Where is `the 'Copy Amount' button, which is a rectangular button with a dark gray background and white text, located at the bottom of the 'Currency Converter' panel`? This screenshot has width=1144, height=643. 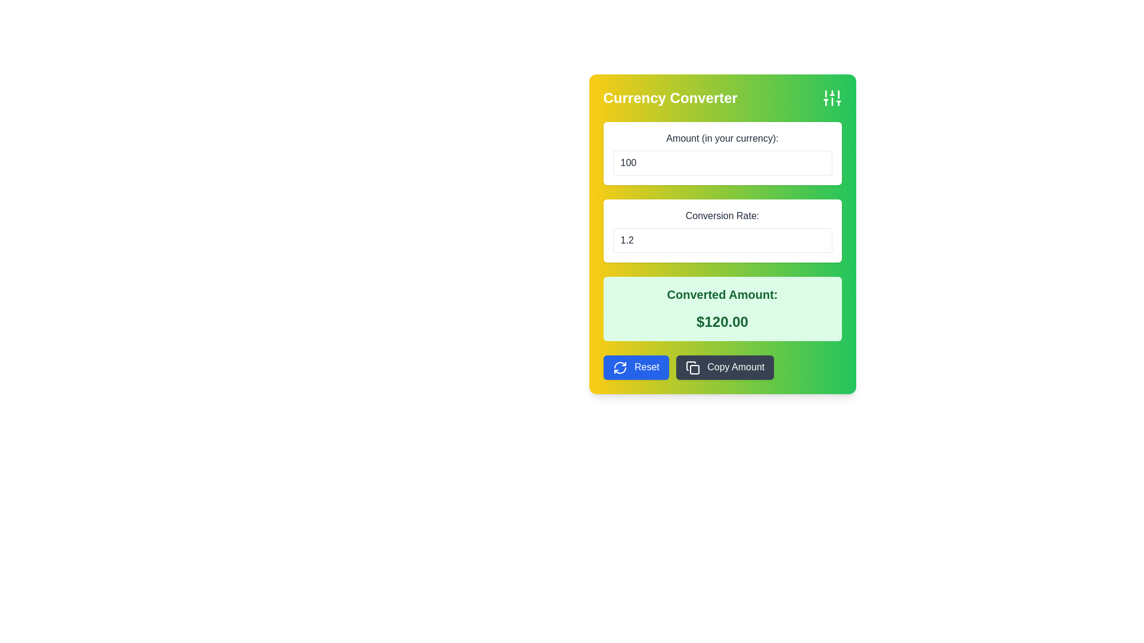
the 'Copy Amount' button, which is a rectangular button with a dark gray background and white text, located at the bottom of the 'Currency Converter' panel is located at coordinates (725, 367).